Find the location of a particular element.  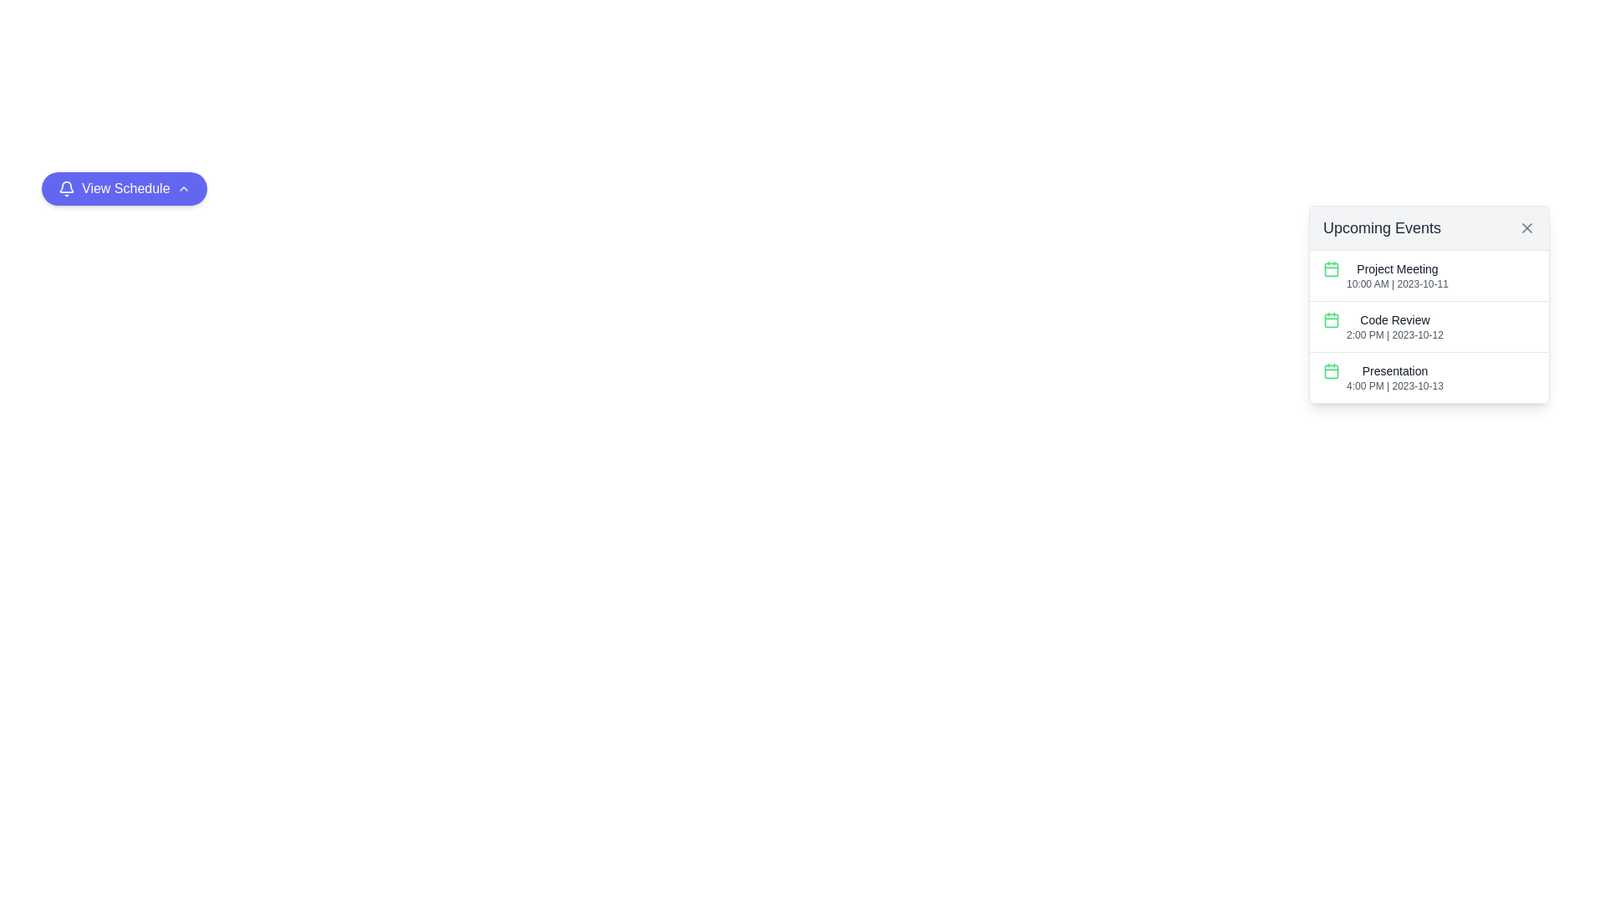

the bell icon located at the leftmost side of the button next to the text 'View Schedule', which indicates notification settings is located at coordinates (67, 188).